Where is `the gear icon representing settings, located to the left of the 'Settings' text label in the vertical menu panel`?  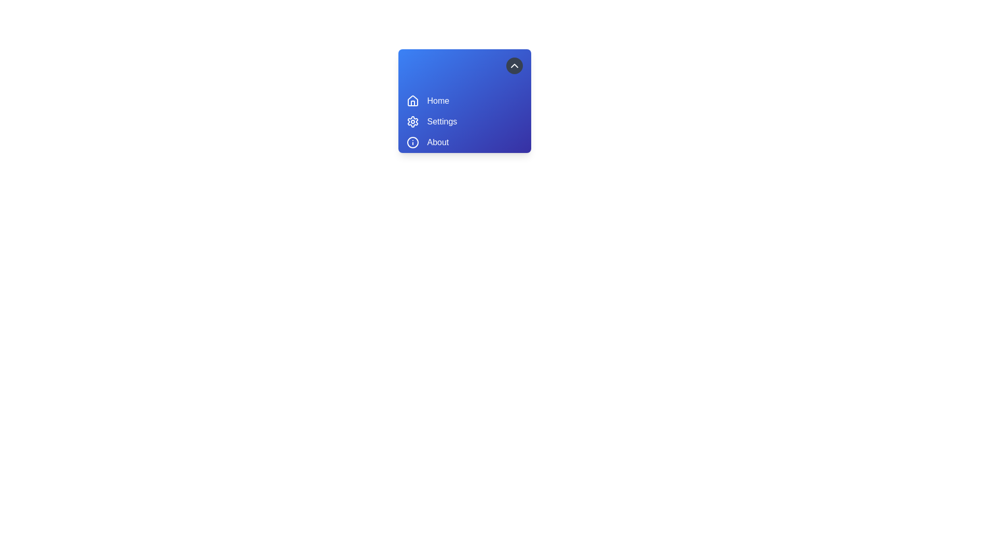 the gear icon representing settings, located to the left of the 'Settings' text label in the vertical menu panel is located at coordinates (412, 121).